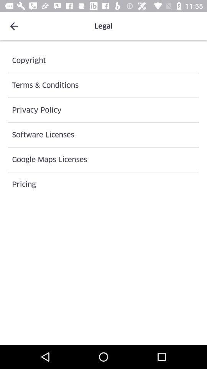 Image resolution: width=207 pixels, height=369 pixels. Describe the element at coordinates (14, 26) in the screenshot. I see `icon at the top left corner` at that location.